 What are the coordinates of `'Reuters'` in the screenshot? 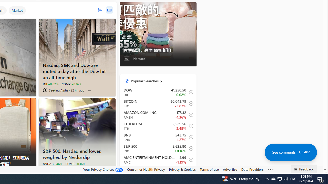 It's located at (45, 170).